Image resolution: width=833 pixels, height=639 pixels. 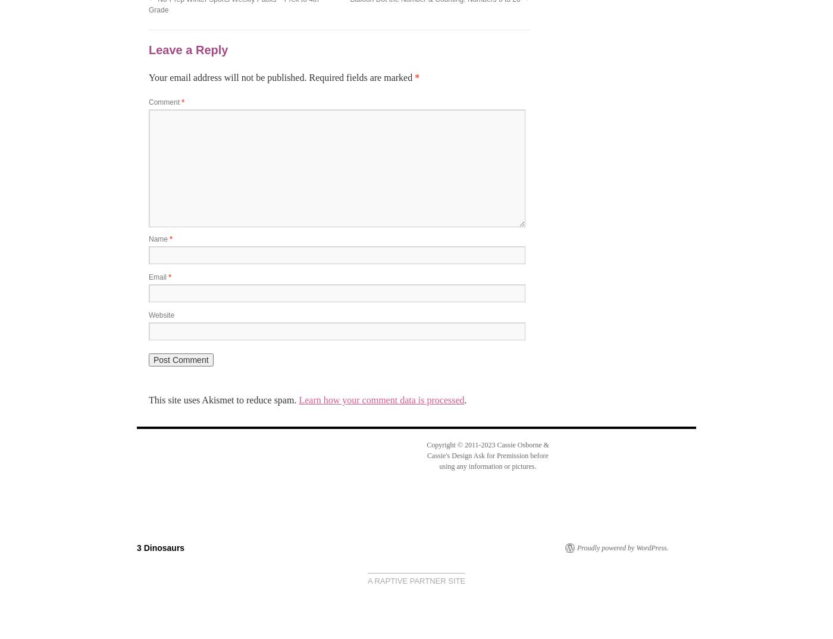 I want to click on 'Proudly powered by WordPress.', so click(x=622, y=547).